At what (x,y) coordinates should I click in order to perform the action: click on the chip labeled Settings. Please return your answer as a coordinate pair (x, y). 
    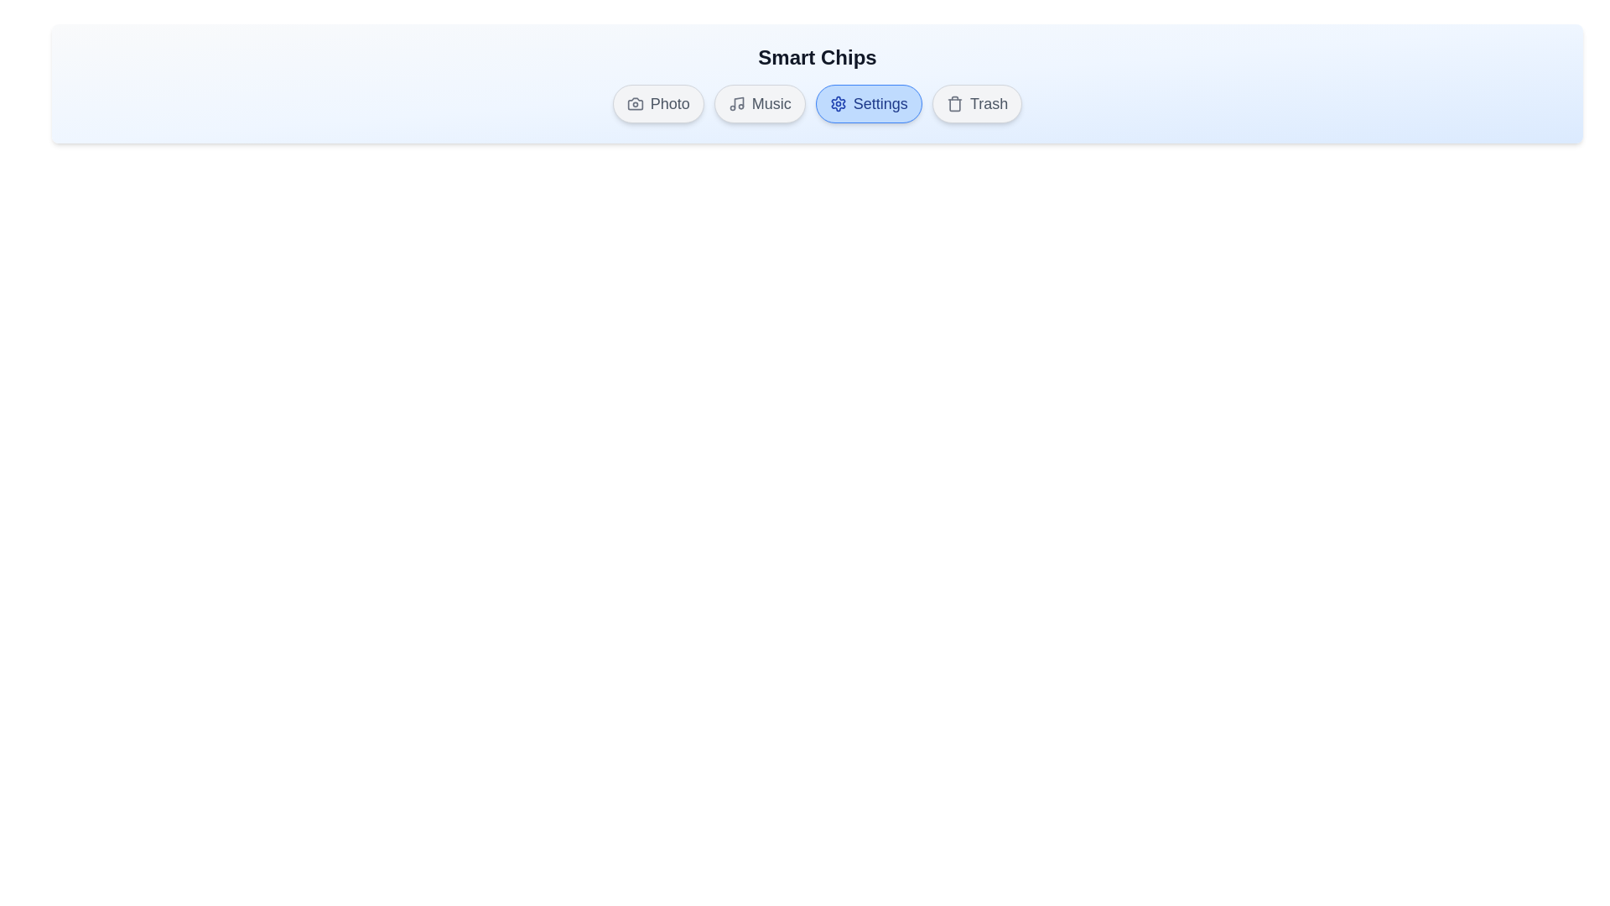
    Looking at the image, I should click on (869, 103).